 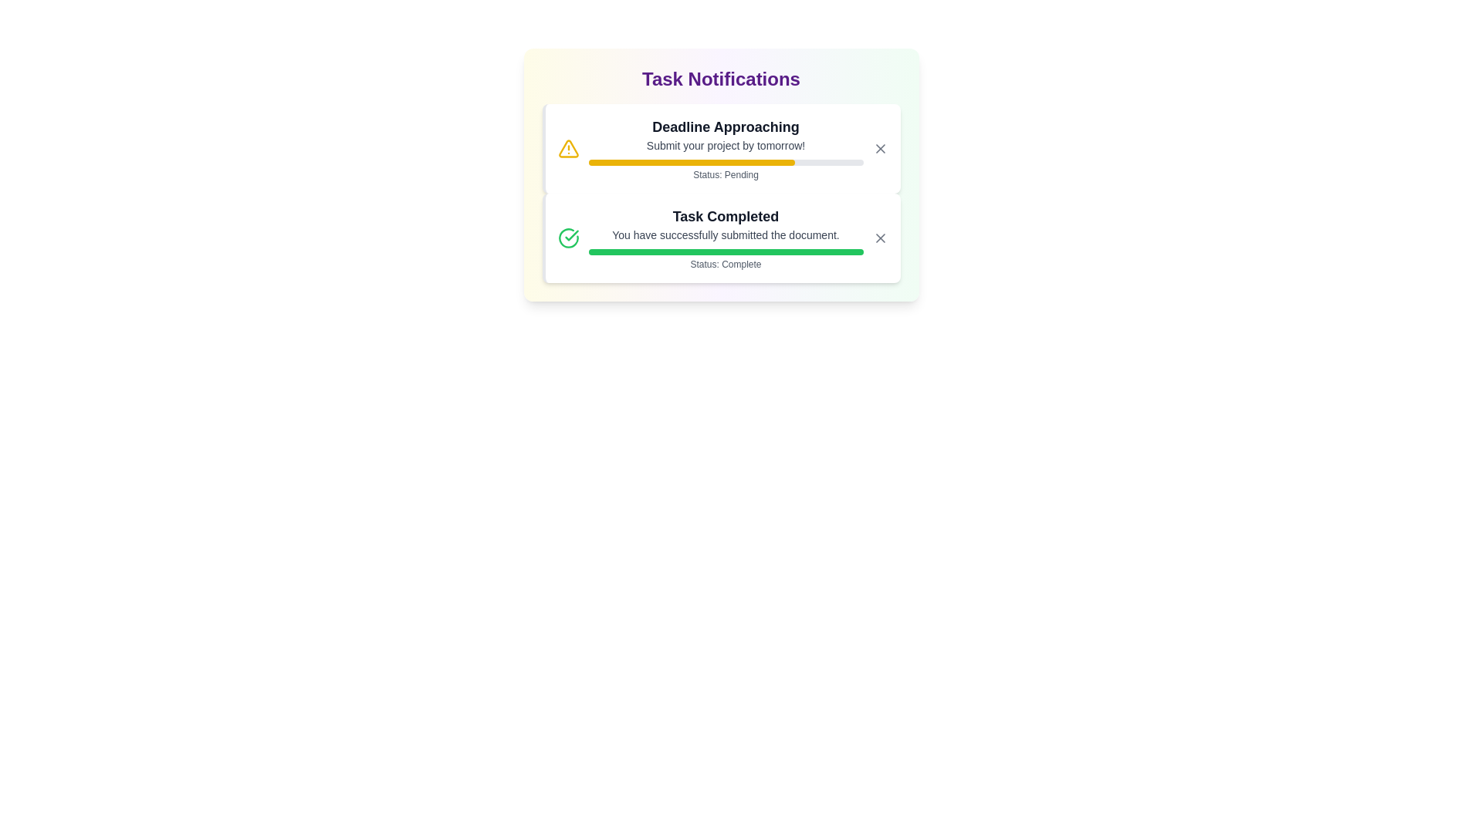 I want to click on the notification icon for Task Completed, so click(x=567, y=238).